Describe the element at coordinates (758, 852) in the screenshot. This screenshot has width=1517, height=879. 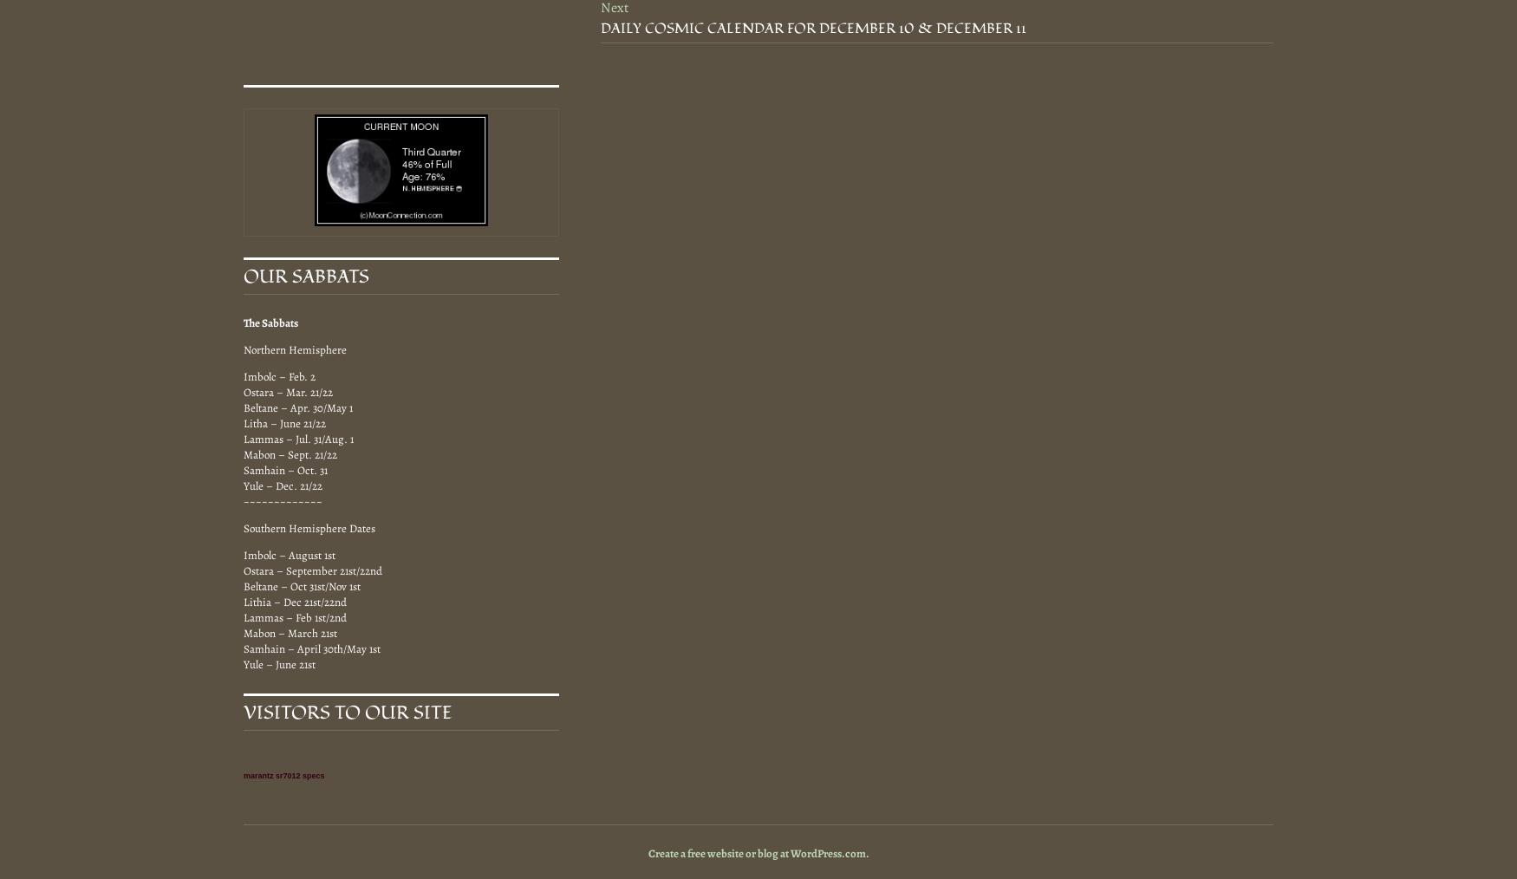
I see `'Create a free website or blog at WordPress.com.'` at that location.